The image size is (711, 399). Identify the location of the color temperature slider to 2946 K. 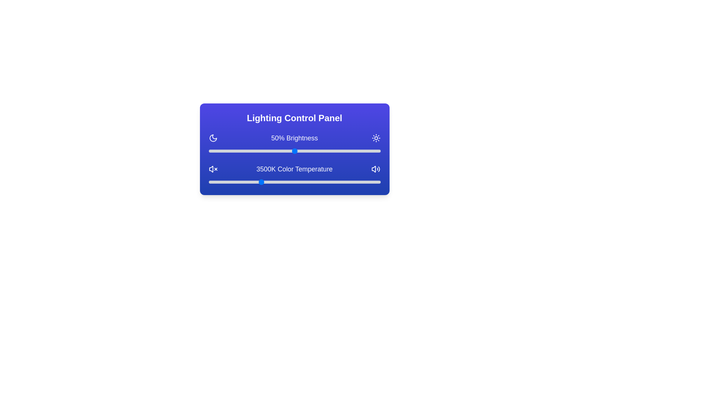
(241, 182).